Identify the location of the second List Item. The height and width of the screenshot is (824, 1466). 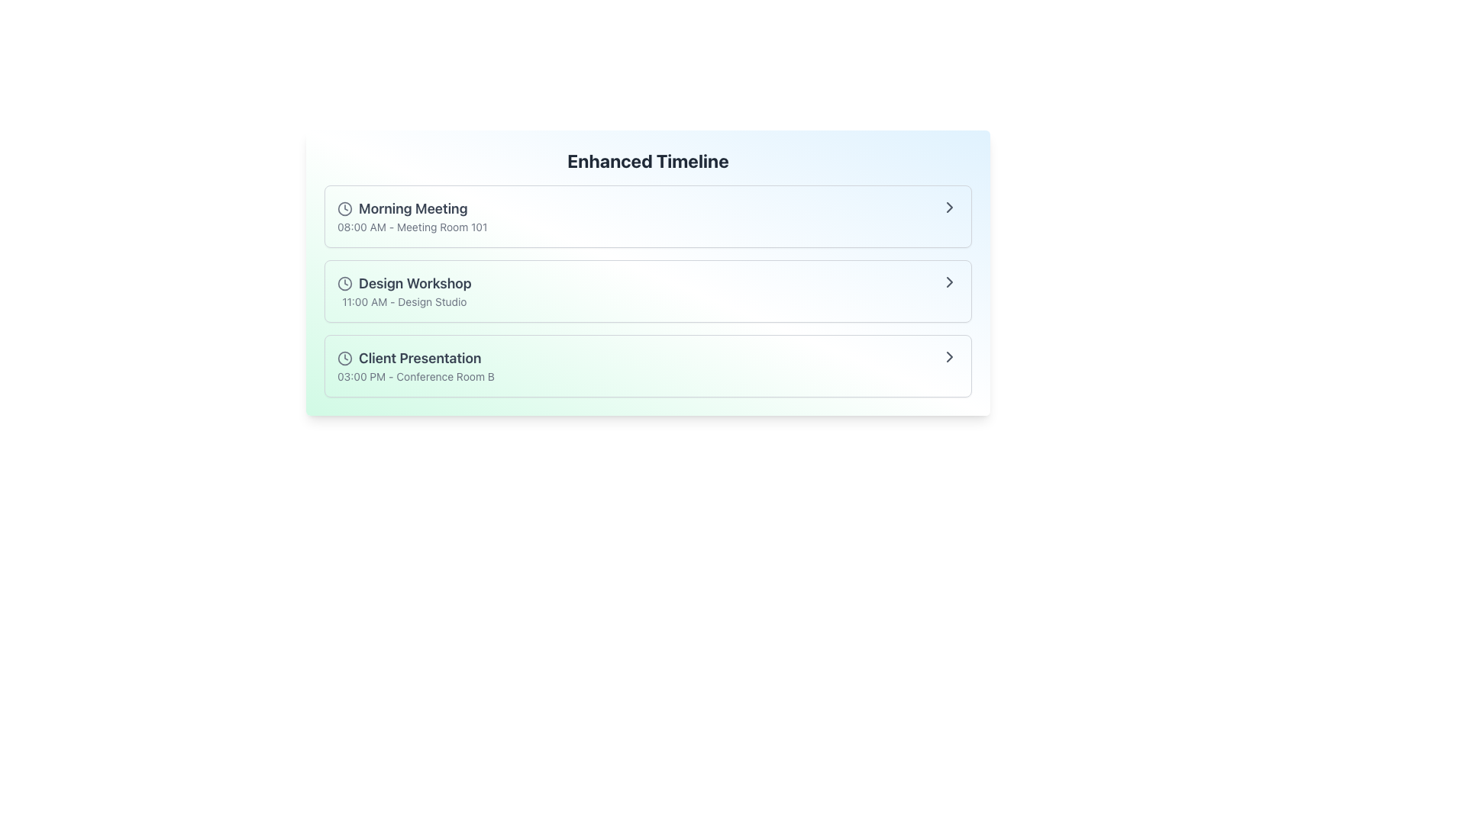
(648, 291).